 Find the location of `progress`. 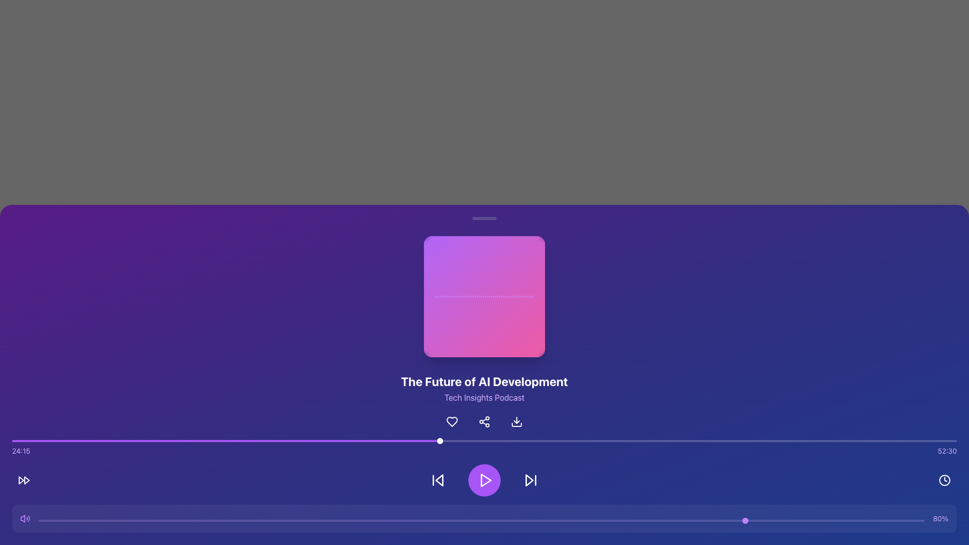

progress is located at coordinates (834, 441).